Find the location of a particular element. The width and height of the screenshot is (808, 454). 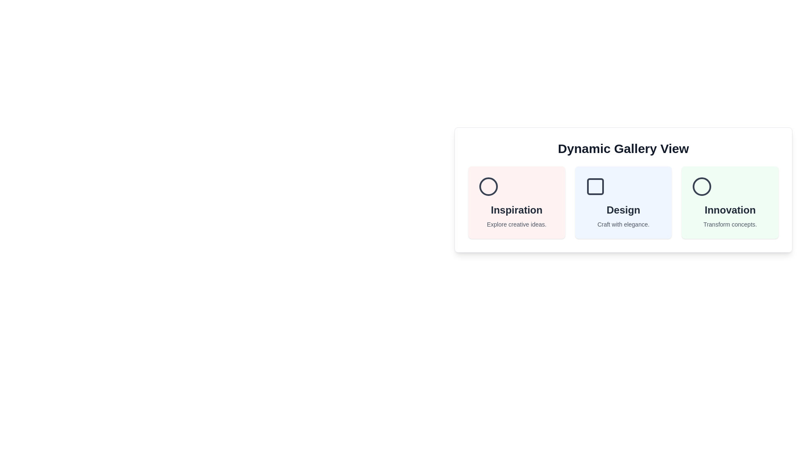

the 'Design' section label located in the middle panel, directly beneath the square icon and above the text 'Craft with elegance' is located at coordinates (623, 210).